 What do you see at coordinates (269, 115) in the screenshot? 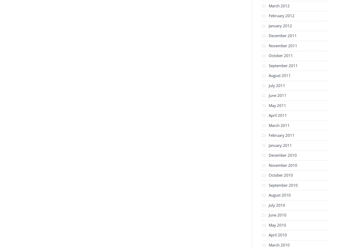
I see `'April 2011'` at bounding box center [269, 115].